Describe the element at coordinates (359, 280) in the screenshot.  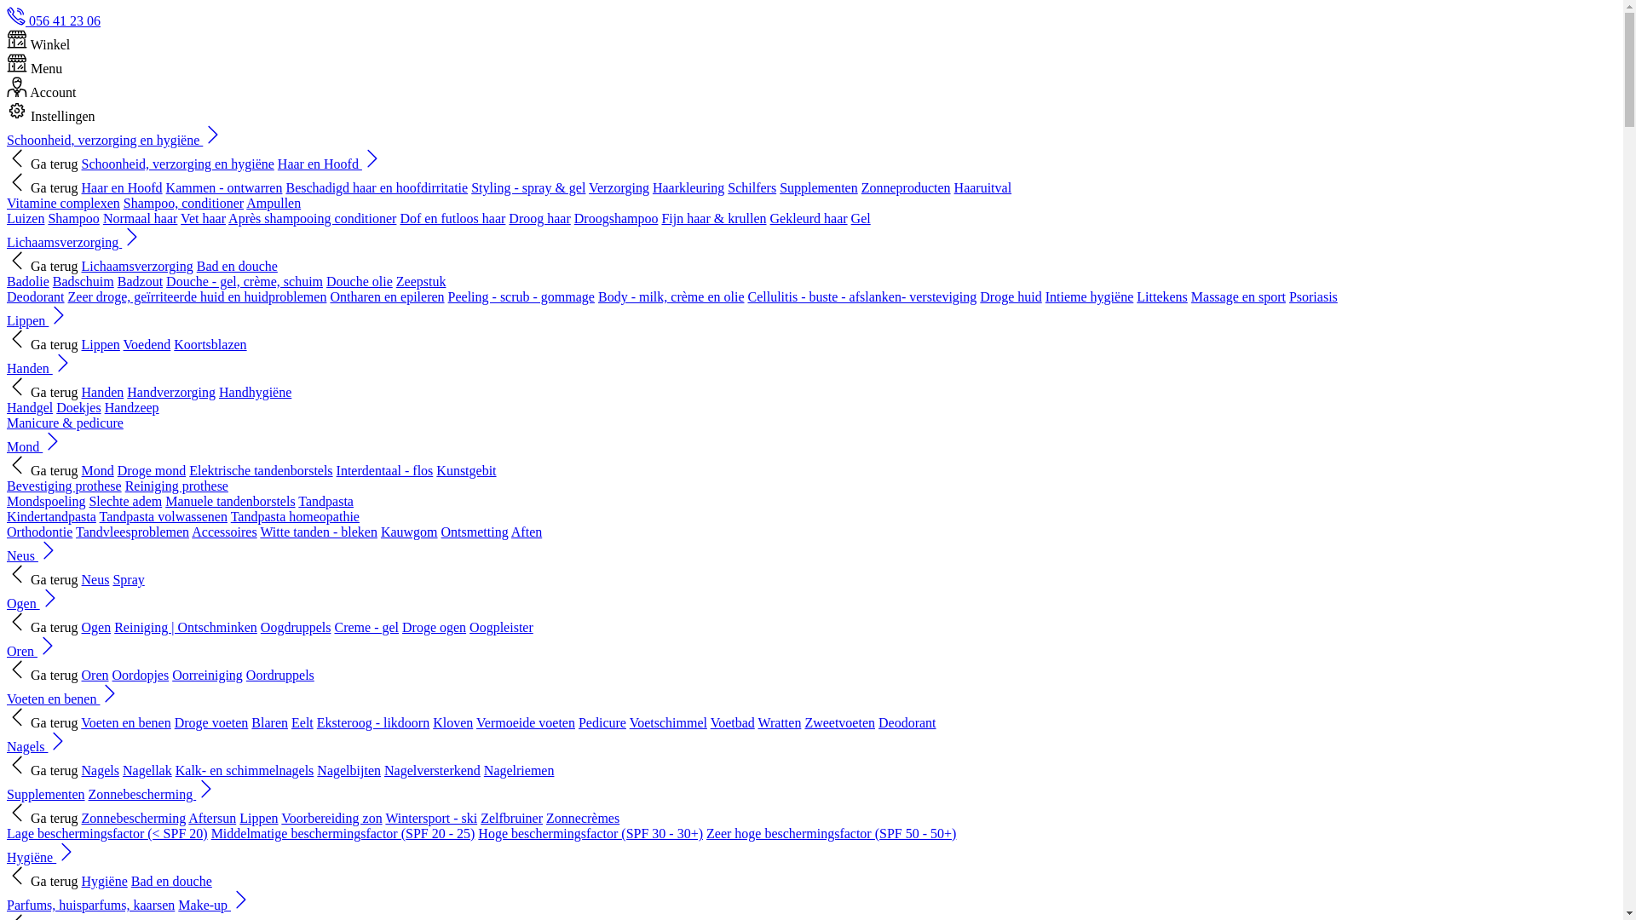
I see `'Douche olie'` at that location.